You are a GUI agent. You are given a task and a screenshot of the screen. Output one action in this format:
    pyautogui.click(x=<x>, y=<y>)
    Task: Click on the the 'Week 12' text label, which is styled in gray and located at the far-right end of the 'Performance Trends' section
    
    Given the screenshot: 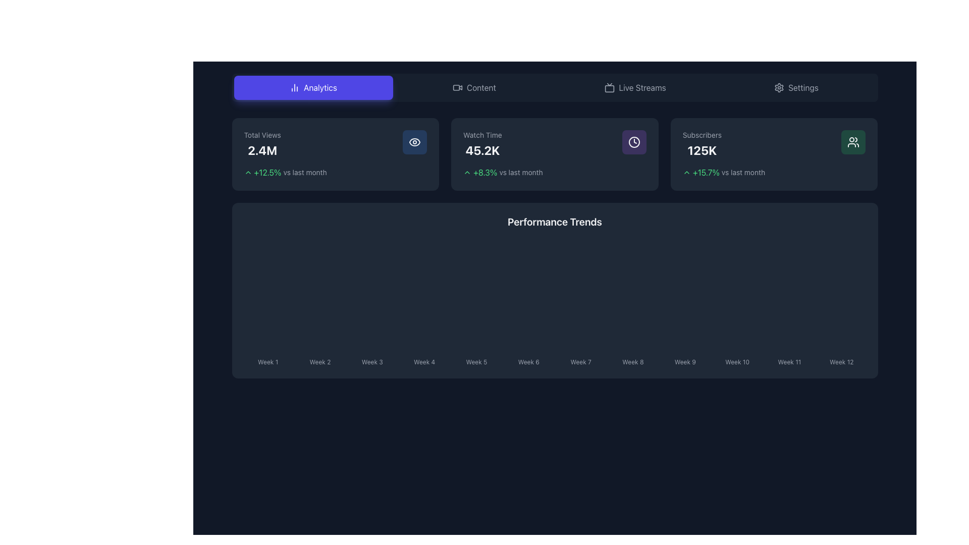 What is the action you would take?
    pyautogui.click(x=841, y=361)
    